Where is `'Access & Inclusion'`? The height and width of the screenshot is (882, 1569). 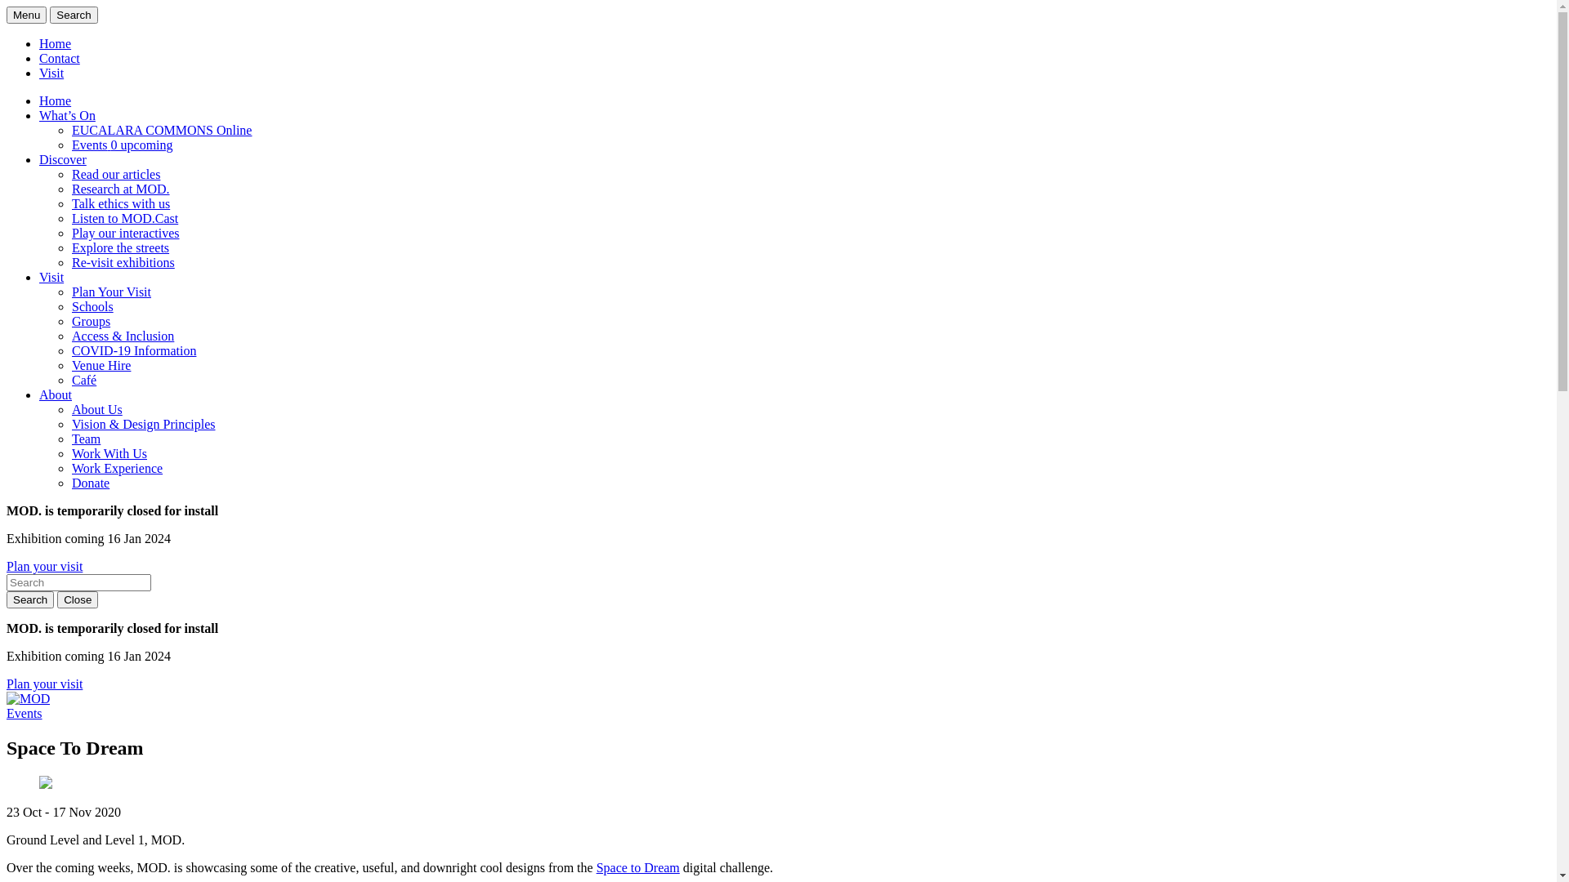
'Access & Inclusion' is located at coordinates (122, 335).